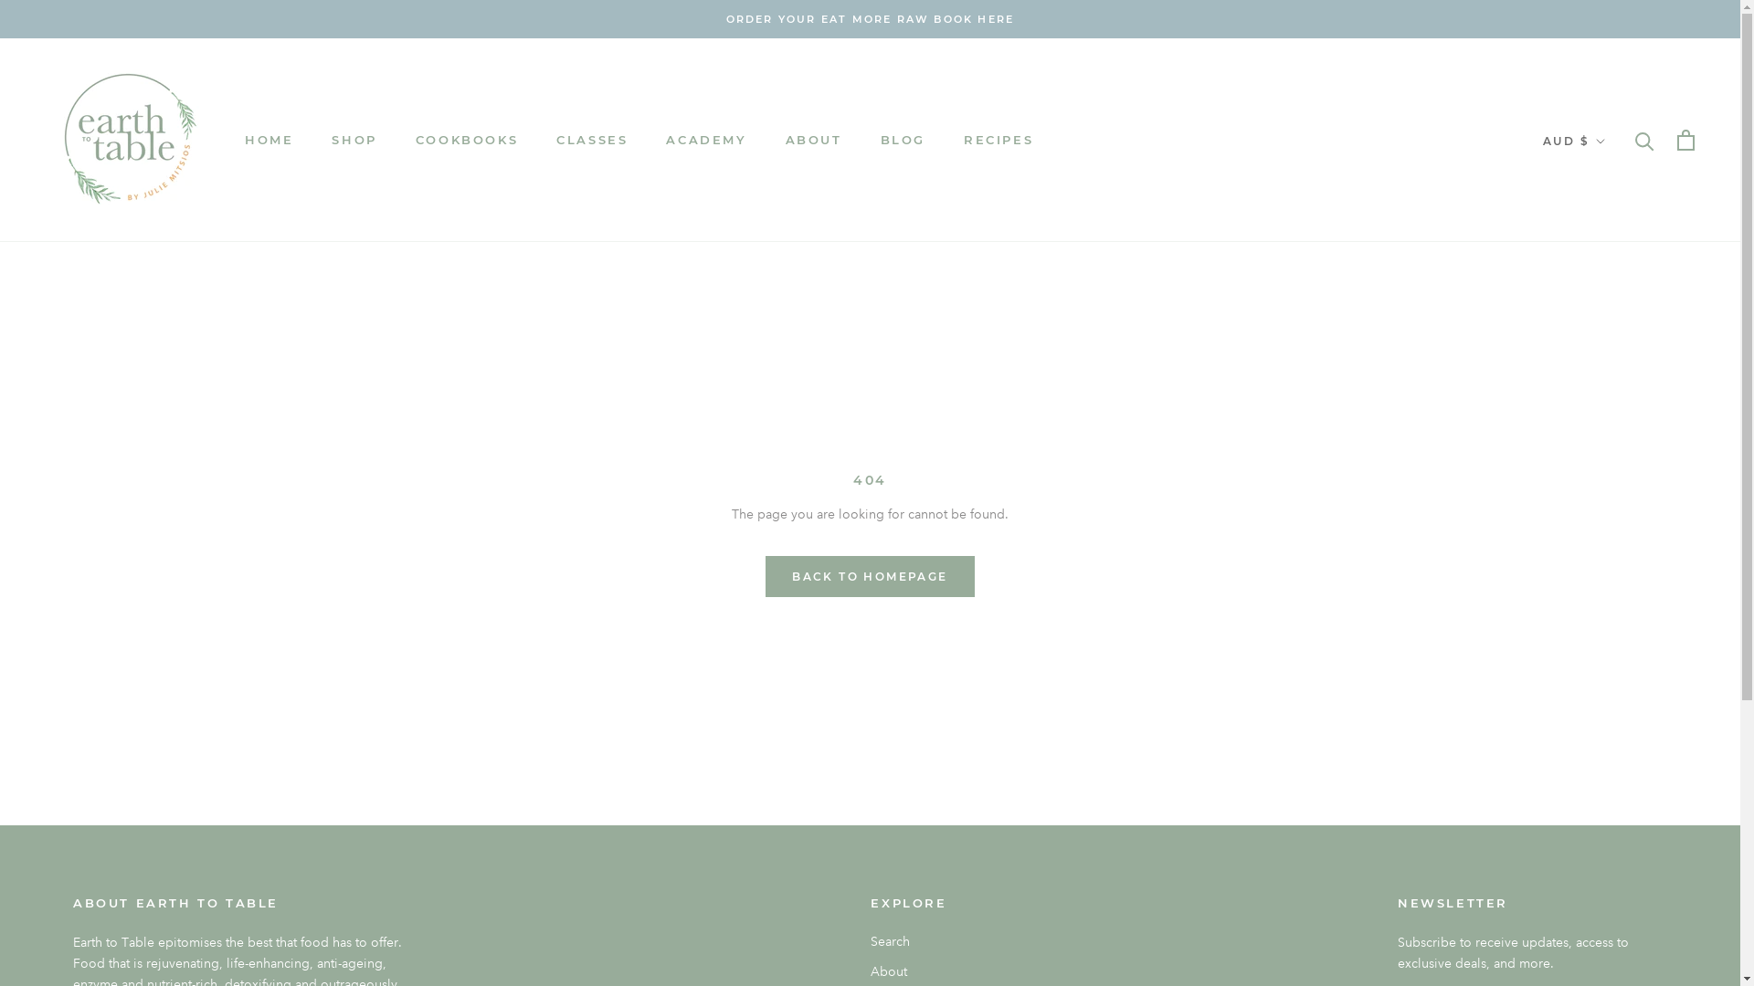 Image resolution: width=1754 pixels, height=986 pixels. I want to click on 'ACADEMY', so click(665, 139).